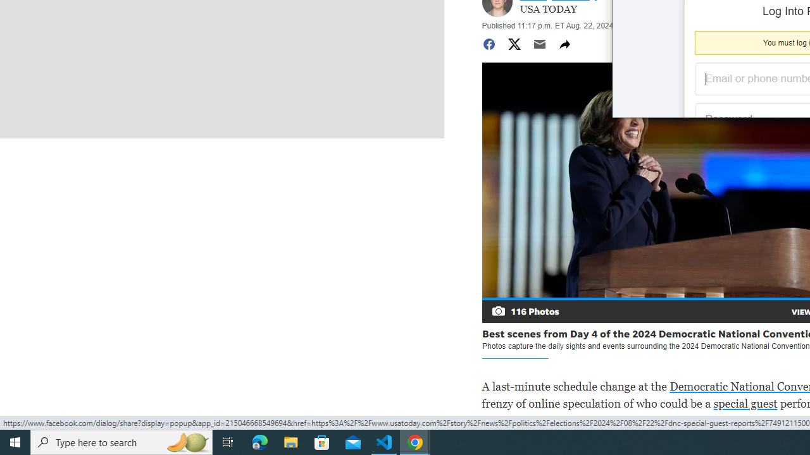 The height and width of the screenshot is (455, 810). What do you see at coordinates (383, 441) in the screenshot?
I see `'Visual Studio Code - 1 running window'` at bounding box center [383, 441].